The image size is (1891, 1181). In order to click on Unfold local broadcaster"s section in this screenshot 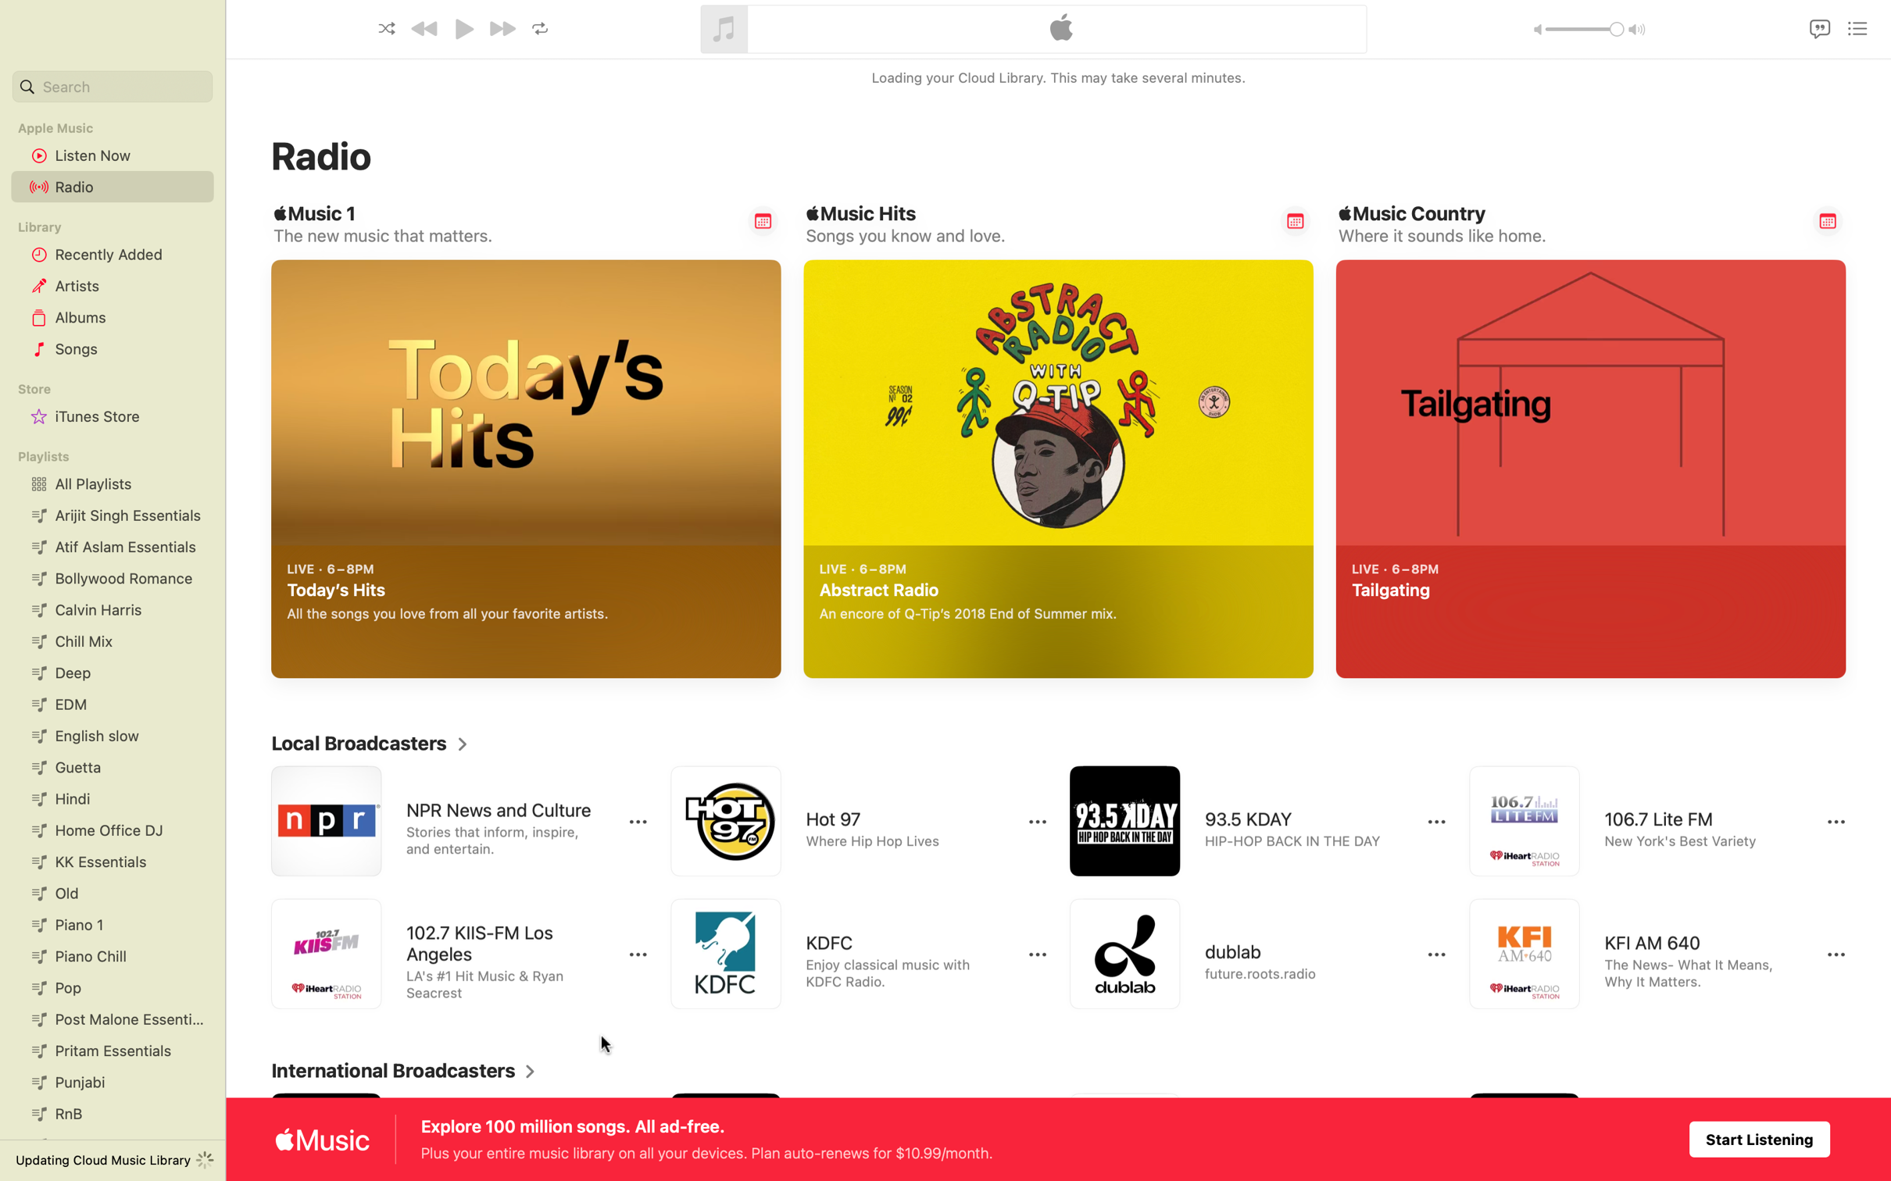, I will do `click(369, 743)`.